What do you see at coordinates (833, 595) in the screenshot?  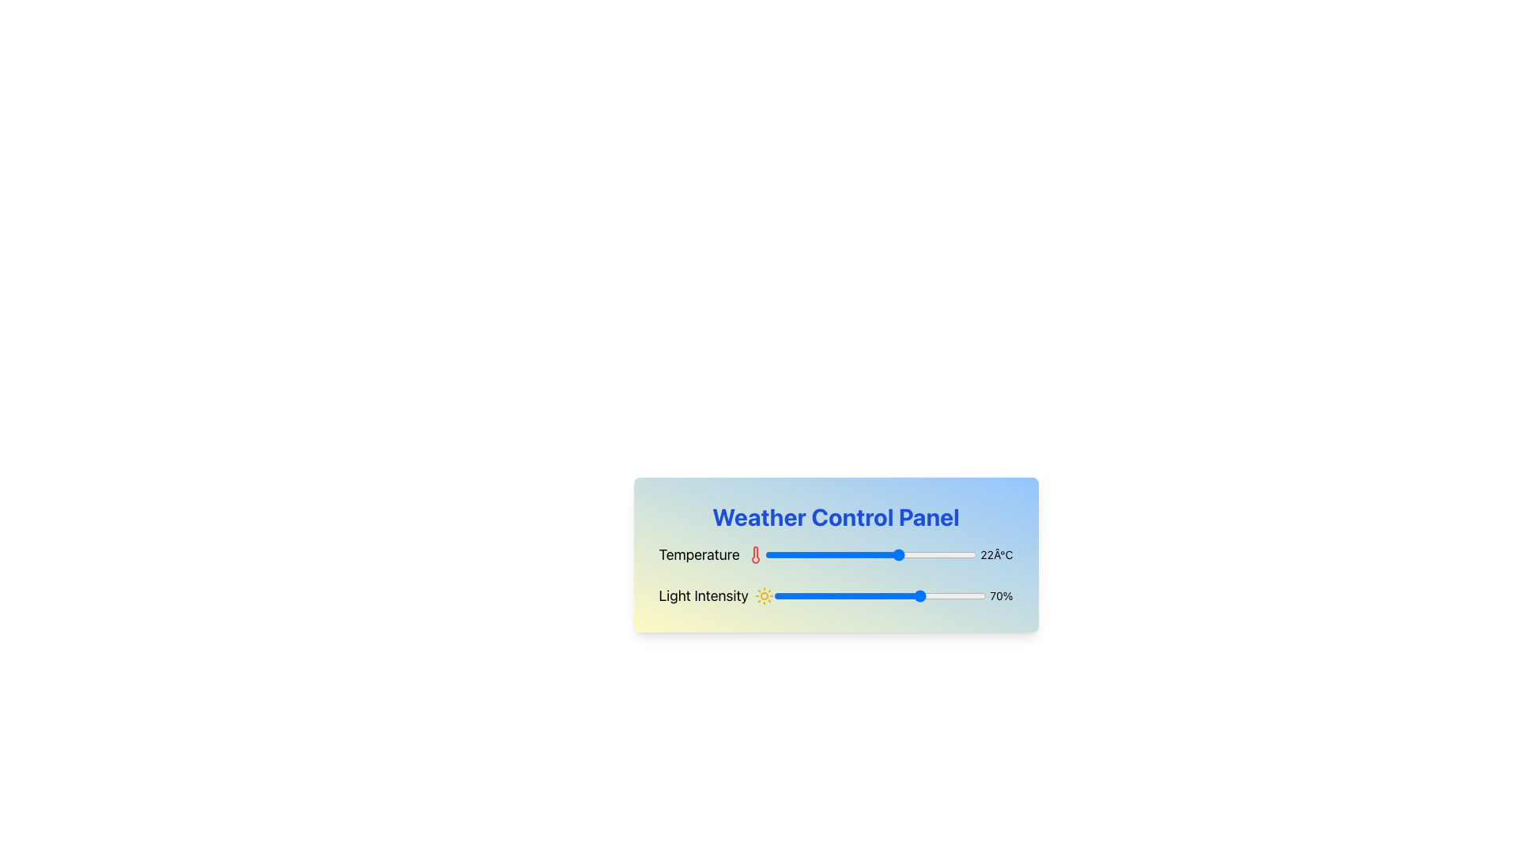 I see `light intensity` at bounding box center [833, 595].